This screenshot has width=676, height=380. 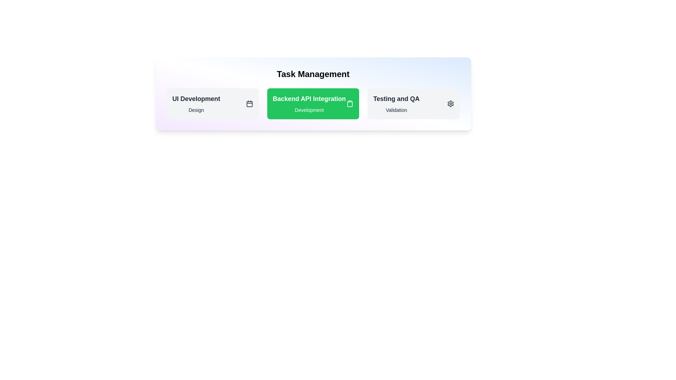 I want to click on the task category icon to view additional context for Testing and QA, so click(x=450, y=103).